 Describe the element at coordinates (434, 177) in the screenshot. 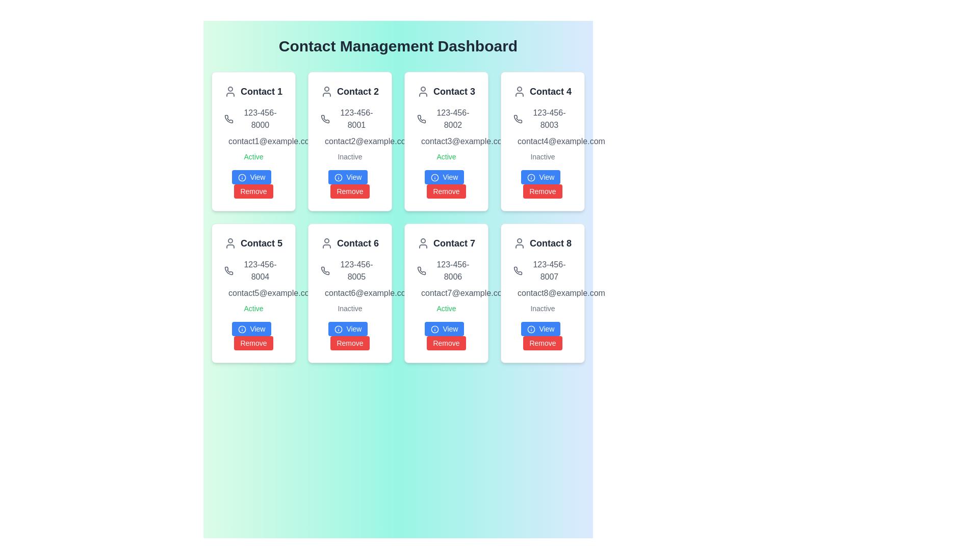

I see `the SVG graphical icon element located in the 'View' button of the card labeled 'Contact 3' to interact with the button` at that location.